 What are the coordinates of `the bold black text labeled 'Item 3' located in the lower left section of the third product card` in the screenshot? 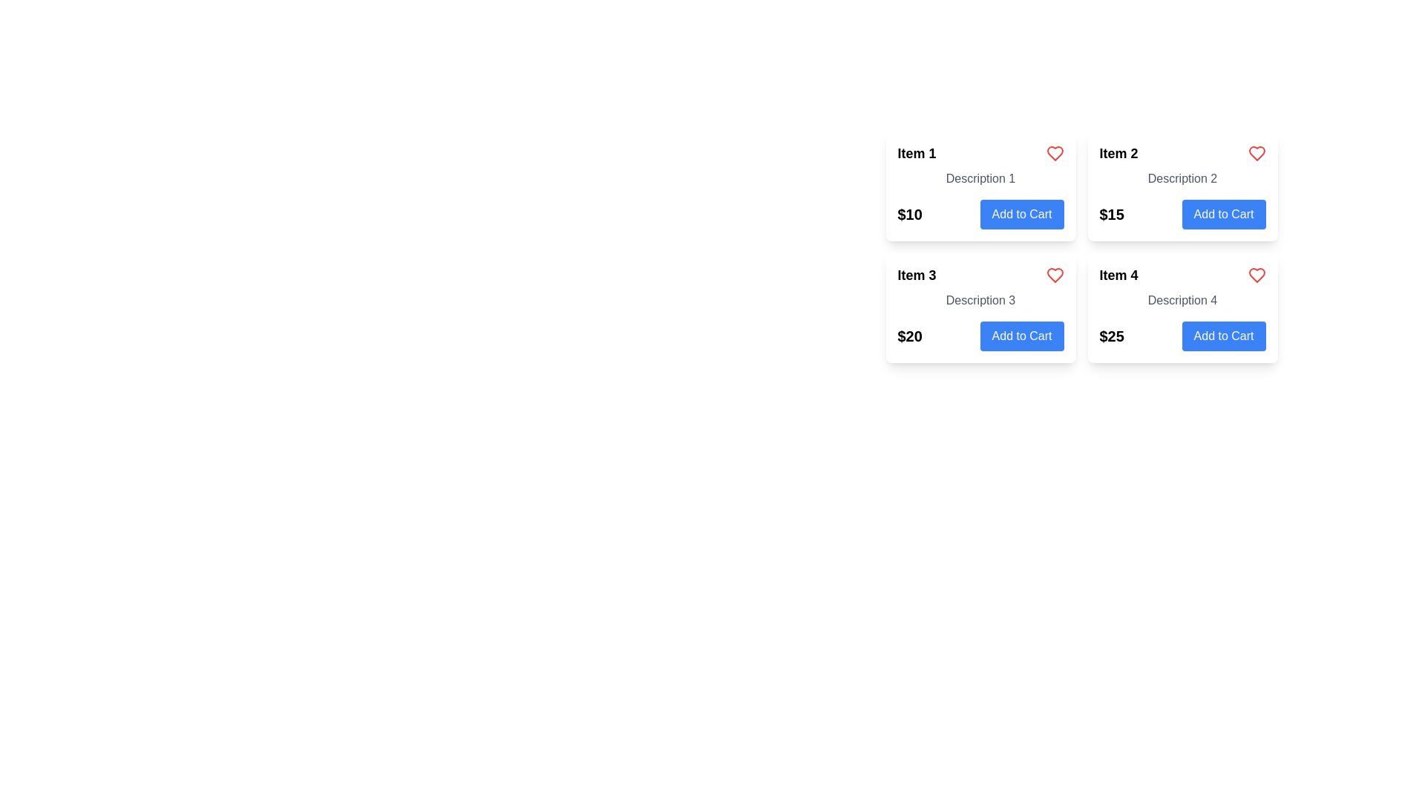 It's located at (916, 275).